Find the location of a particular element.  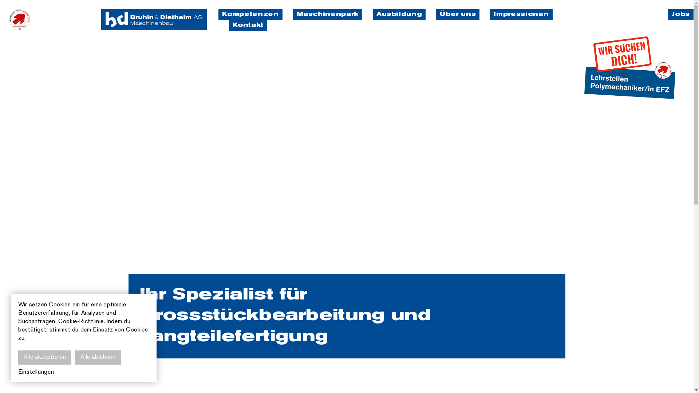

'Einstellungen' is located at coordinates (36, 372).